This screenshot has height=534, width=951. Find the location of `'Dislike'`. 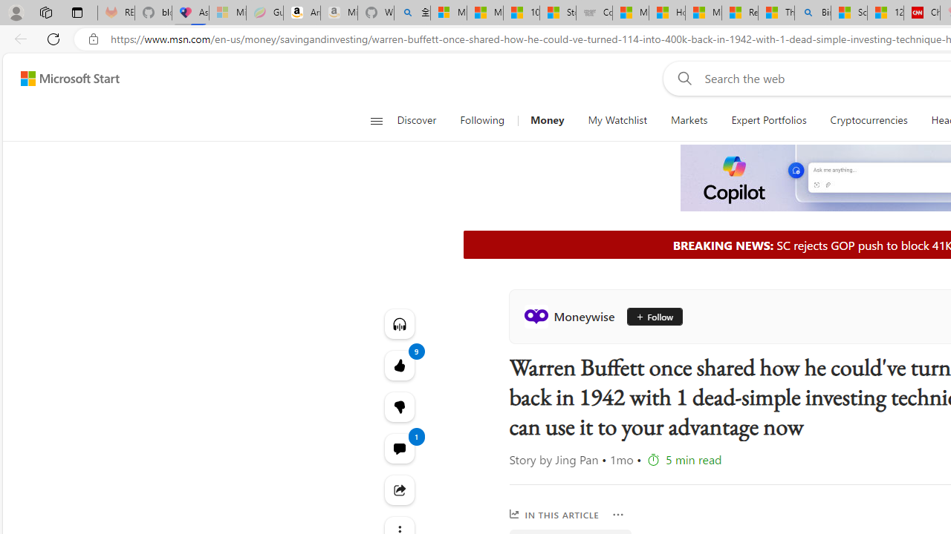

'Dislike' is located at coordinates (399, 407).